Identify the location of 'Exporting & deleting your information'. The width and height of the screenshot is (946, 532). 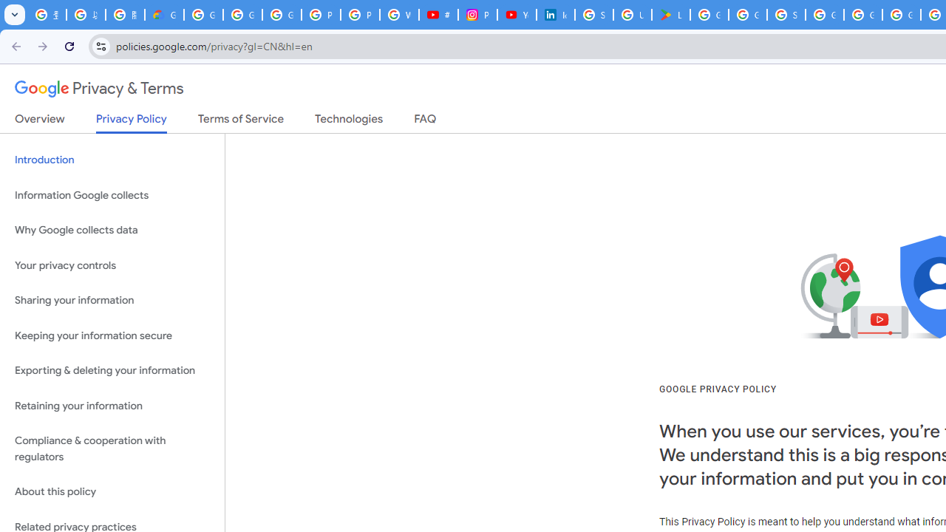
(112, 370).